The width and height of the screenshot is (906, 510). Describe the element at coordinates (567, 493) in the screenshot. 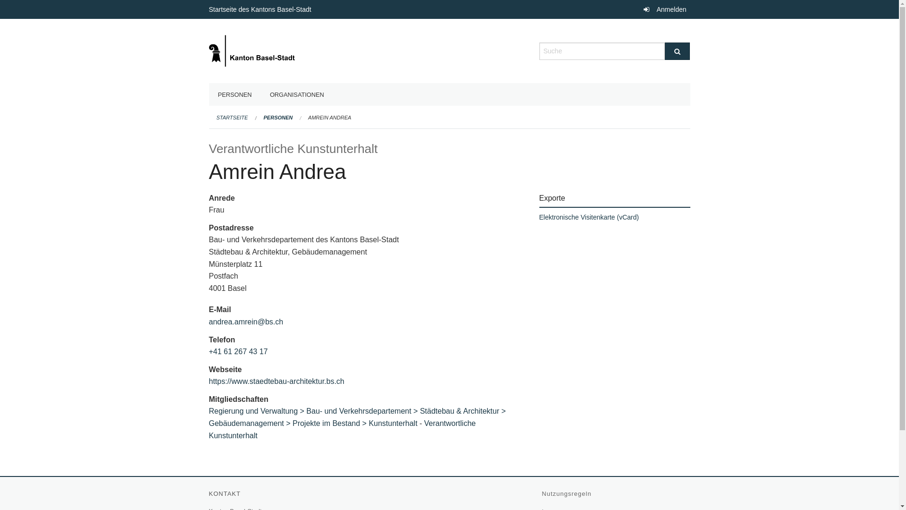

I see `'Nutzungsregeln` at that location.